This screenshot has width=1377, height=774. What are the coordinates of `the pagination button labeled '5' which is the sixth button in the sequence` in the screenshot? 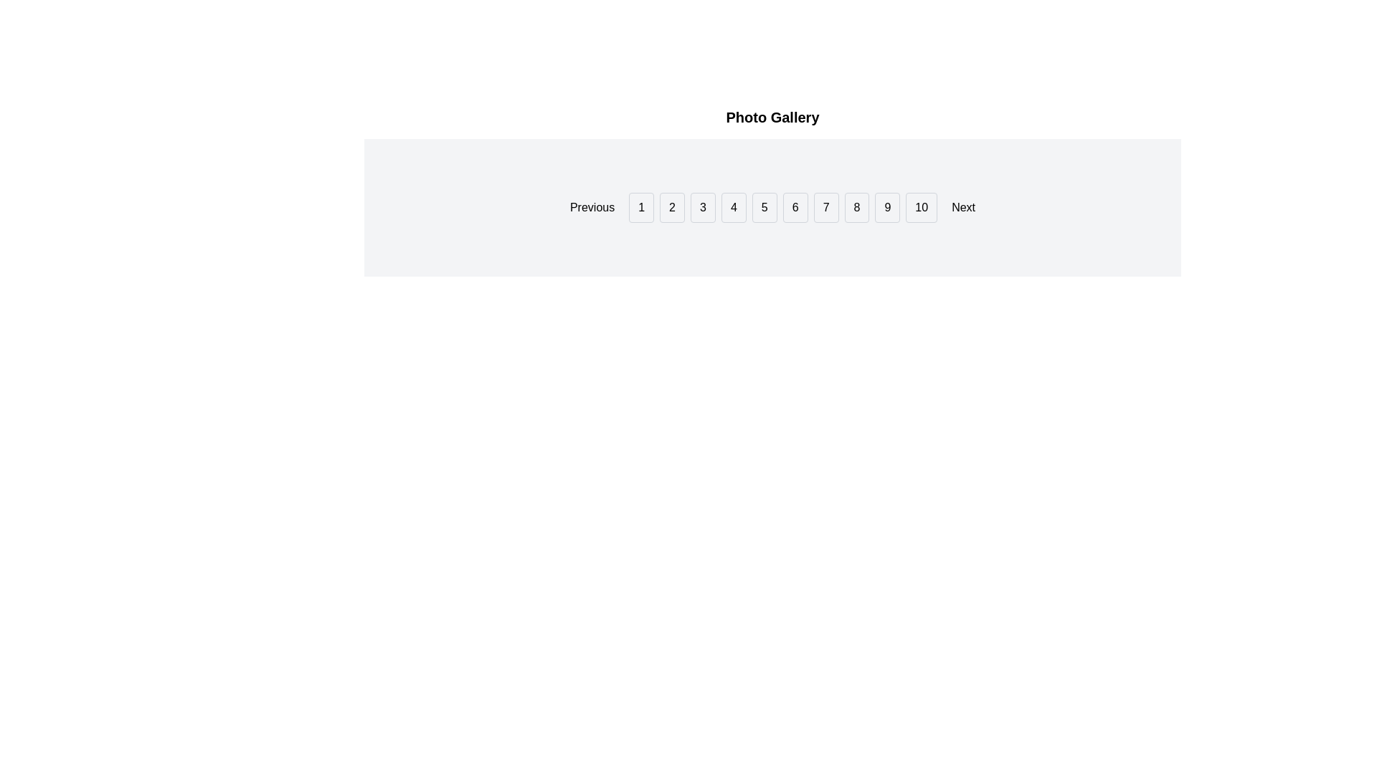 It's located at (764, 207).